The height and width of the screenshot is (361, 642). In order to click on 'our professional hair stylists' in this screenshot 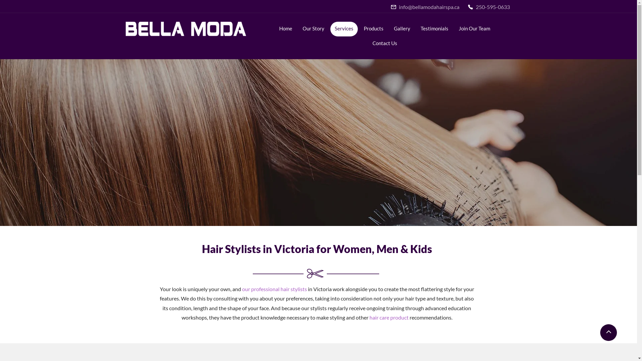, I will do `click(242, 288)`.